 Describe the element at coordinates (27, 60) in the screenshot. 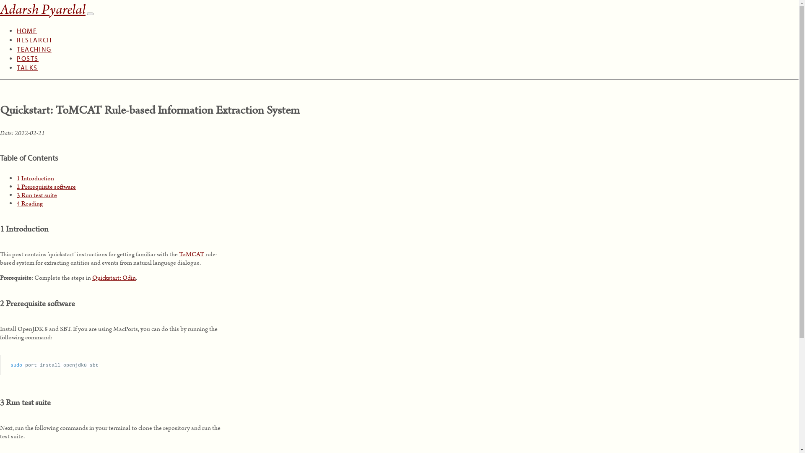

I see `'TALKS'` at that location.